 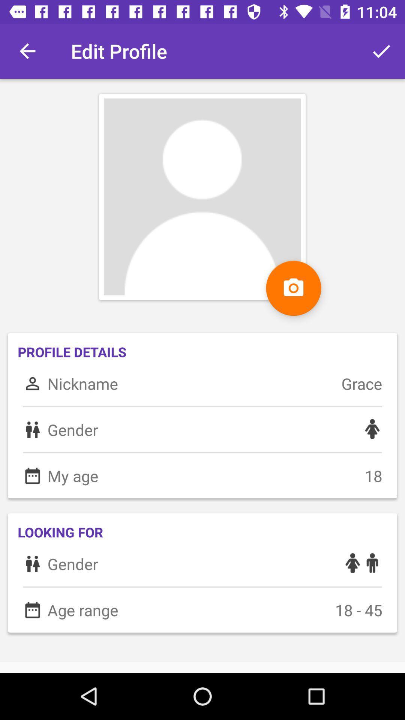 What do you see at coordinates (381, 51) in the screenshot?
I see `item above grace icon` at bounding box center [381, 51].